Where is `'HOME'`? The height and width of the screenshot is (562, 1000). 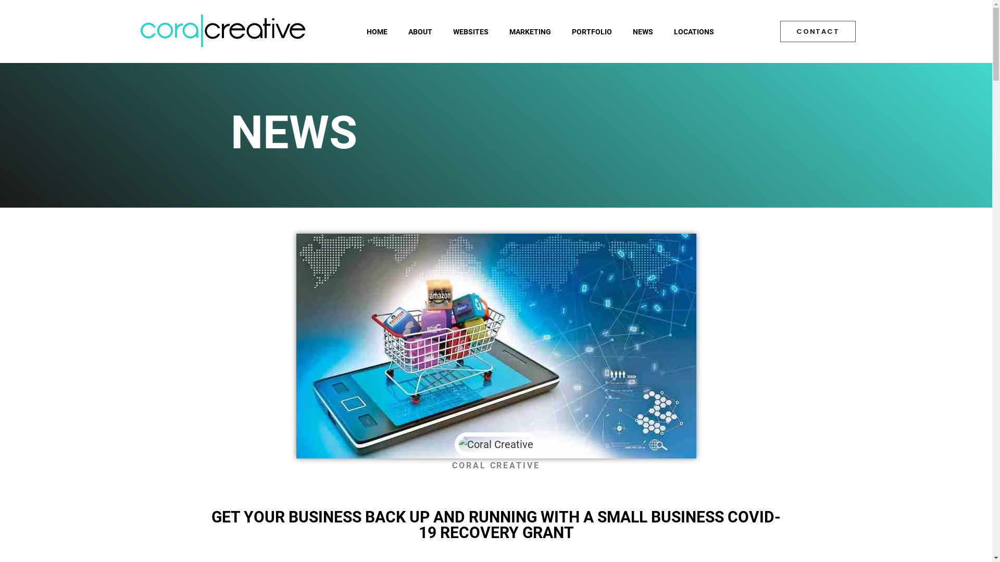
'HOME' is located at coordinates (377, 31).